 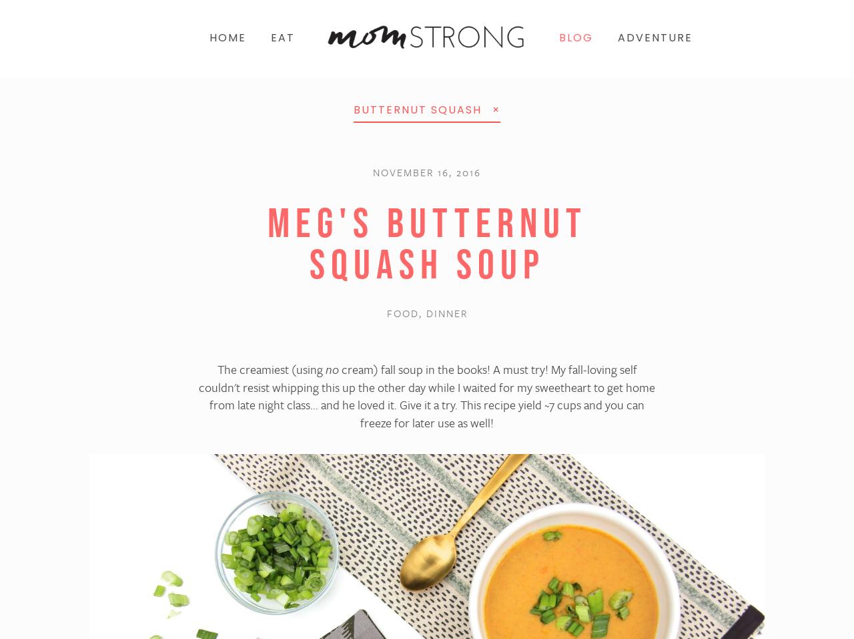 What do you see at coordinates (426, 242) in the screenshot?
I see `'Meg's Butternut Squash Soup'` at bounding box center [426, 242].